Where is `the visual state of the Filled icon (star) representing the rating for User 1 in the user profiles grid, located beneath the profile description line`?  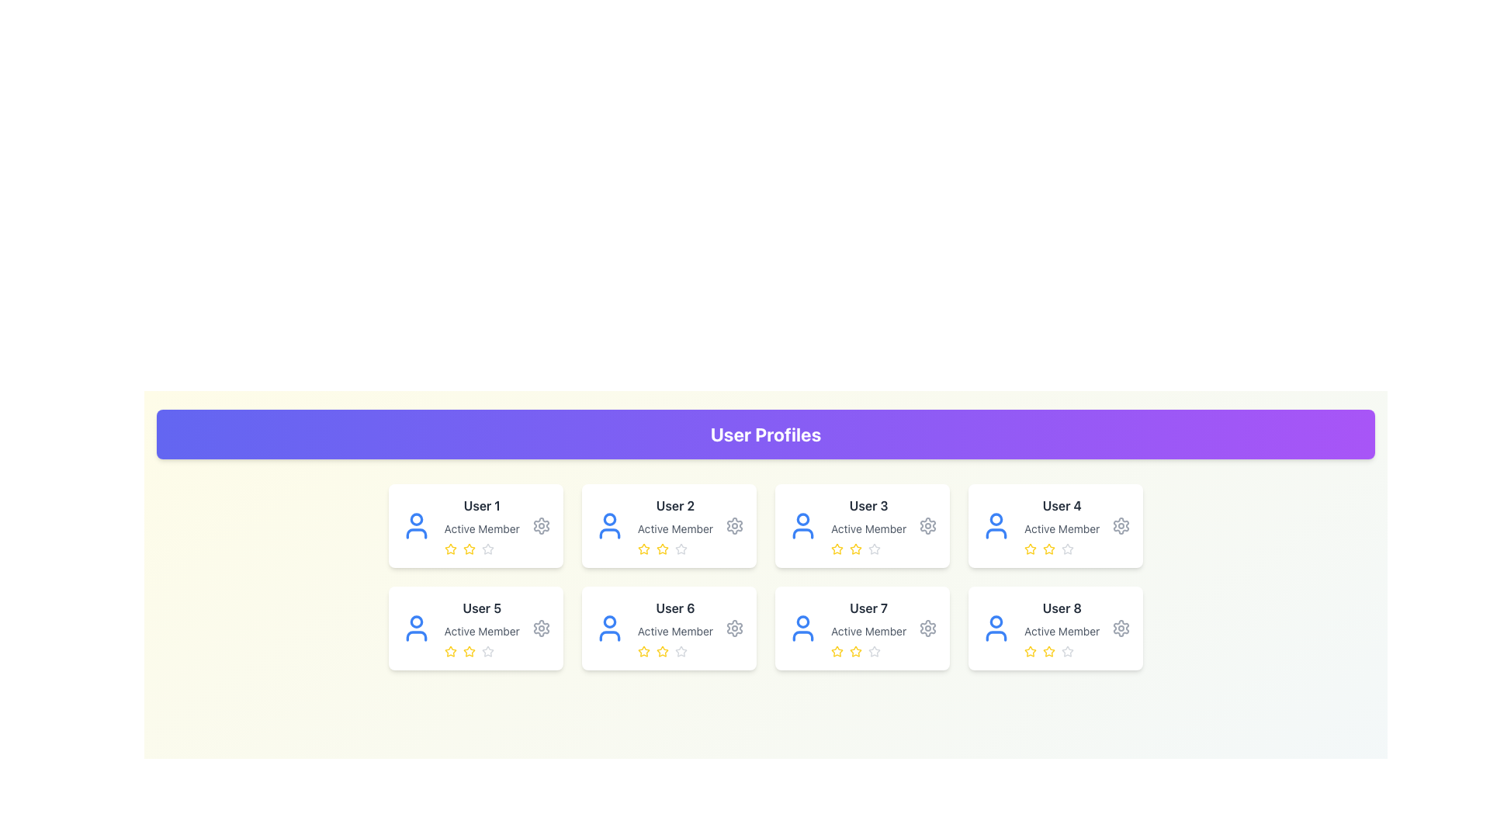 the visual state of the Filled icon (star) representing the rating for User 1 in the user profiles grid, located beneath the profile description line is located at coordinates (468, 548).